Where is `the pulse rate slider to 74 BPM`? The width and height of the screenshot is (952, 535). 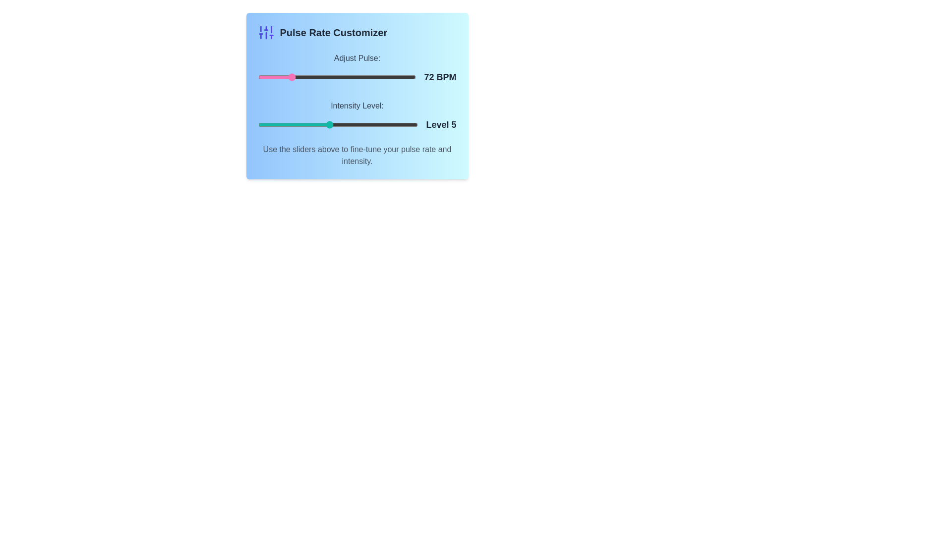 the pulse rate slider to 74 BPM is located at coordinates (291, 76).